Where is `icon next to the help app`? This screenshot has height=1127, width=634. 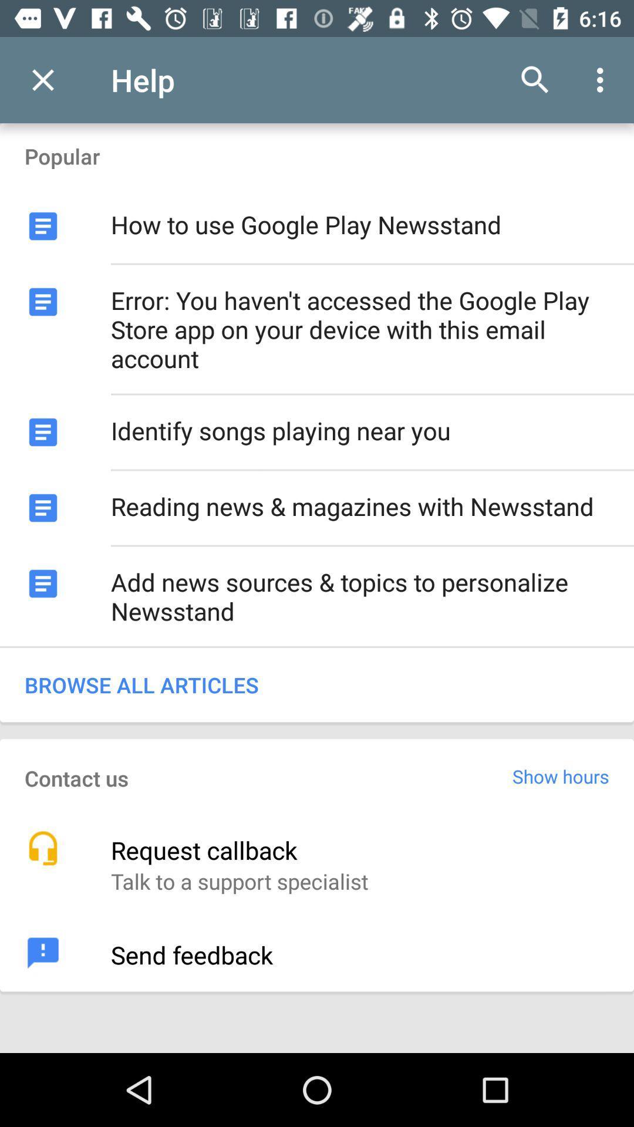 icon next to the help app is located at coordinates (42, 79).